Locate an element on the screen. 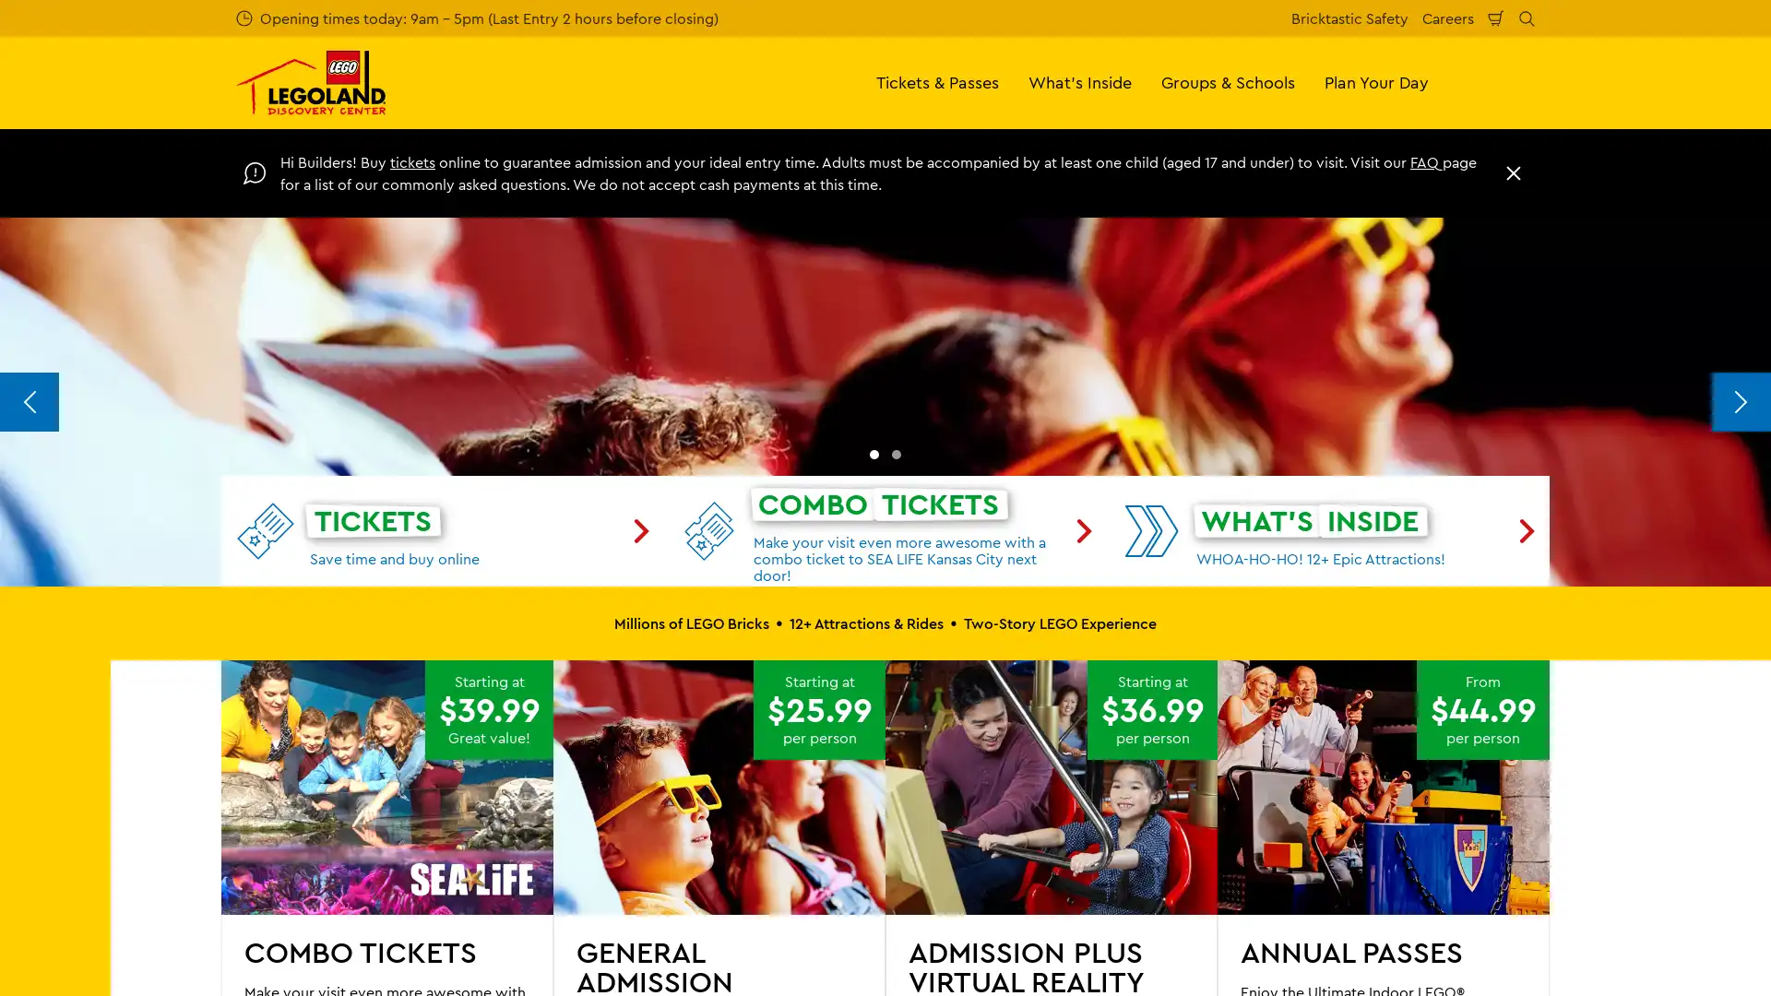  What's Inside is located at coordinates (1080, 81).